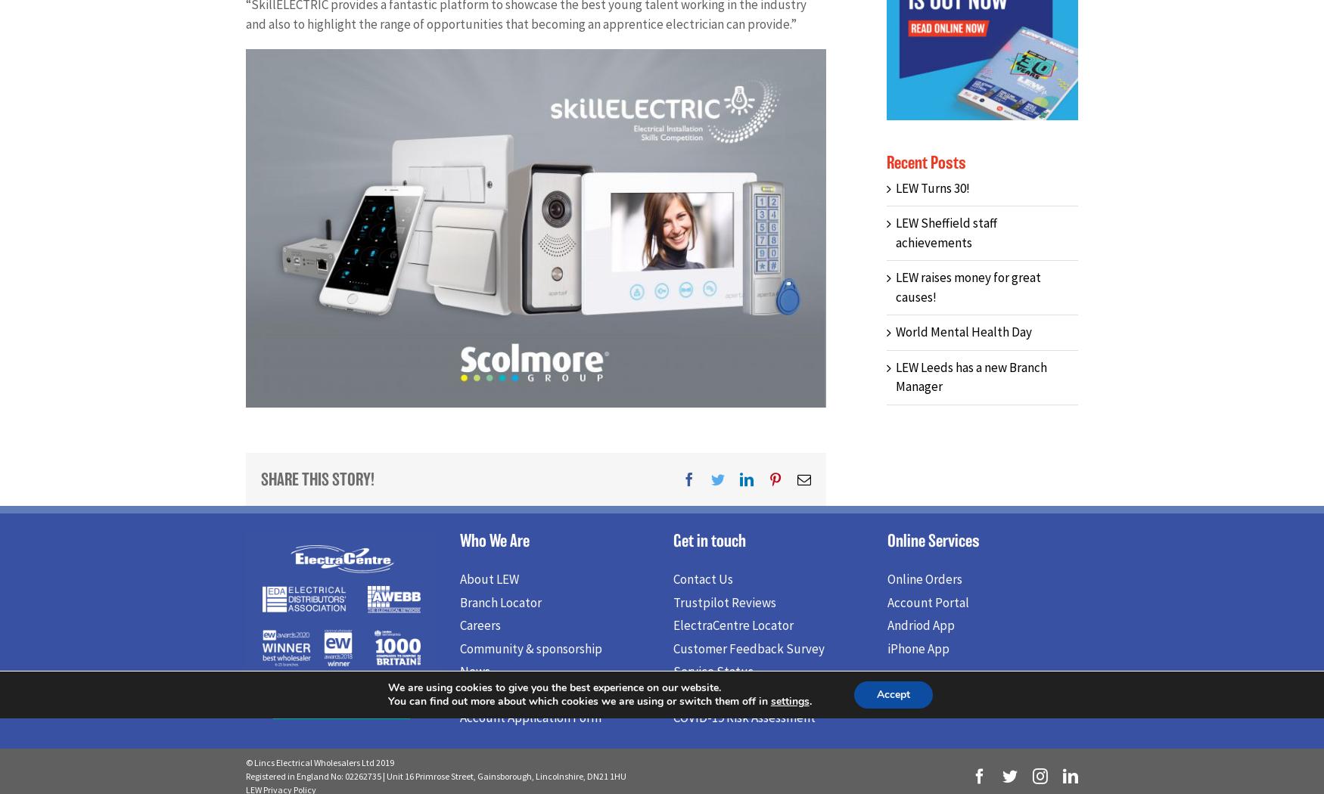  Describe the element at coordinates (885, 583) in the screenshot. I see `'Online Orders'` at that location.